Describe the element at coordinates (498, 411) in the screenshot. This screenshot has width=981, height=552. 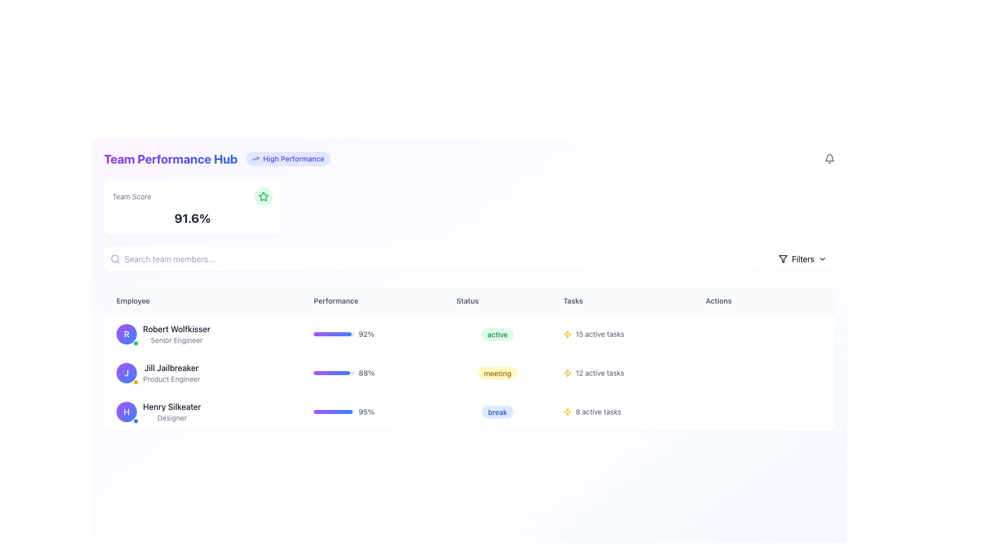
I see `the content of the Badge displaying the current status of 'Henry Silkeater', which indicates they are on a break, located in the 'Status' column of the table` at that location.